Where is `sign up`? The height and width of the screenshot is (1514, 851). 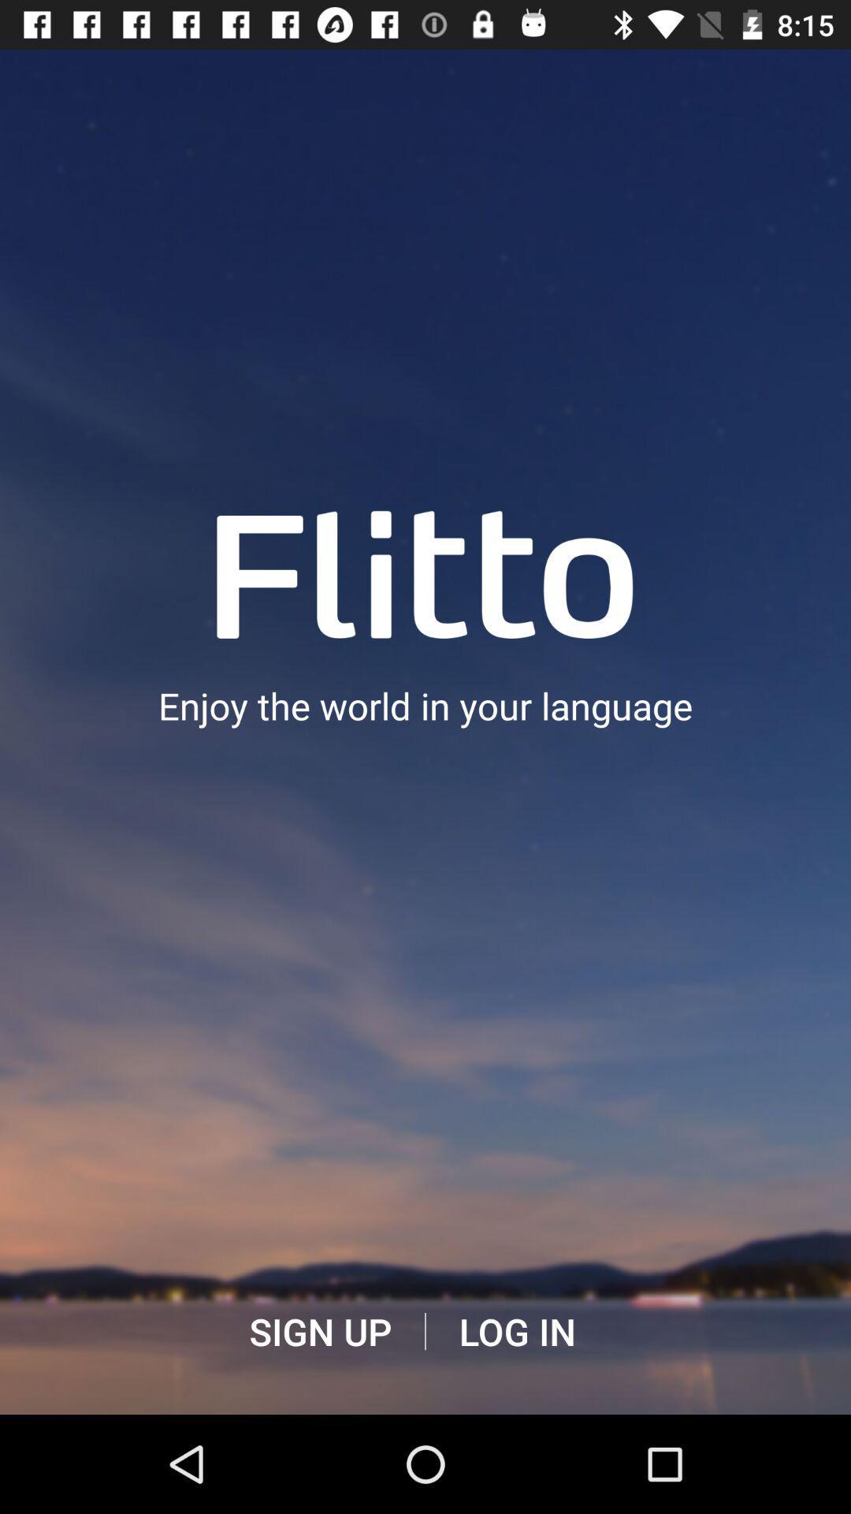
sign up is located at coordinates (319, 1331).